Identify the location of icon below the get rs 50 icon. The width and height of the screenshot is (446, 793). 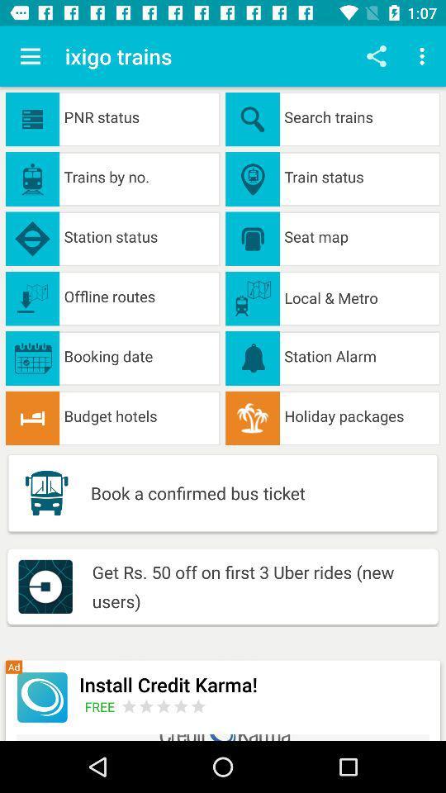
(254, 684).